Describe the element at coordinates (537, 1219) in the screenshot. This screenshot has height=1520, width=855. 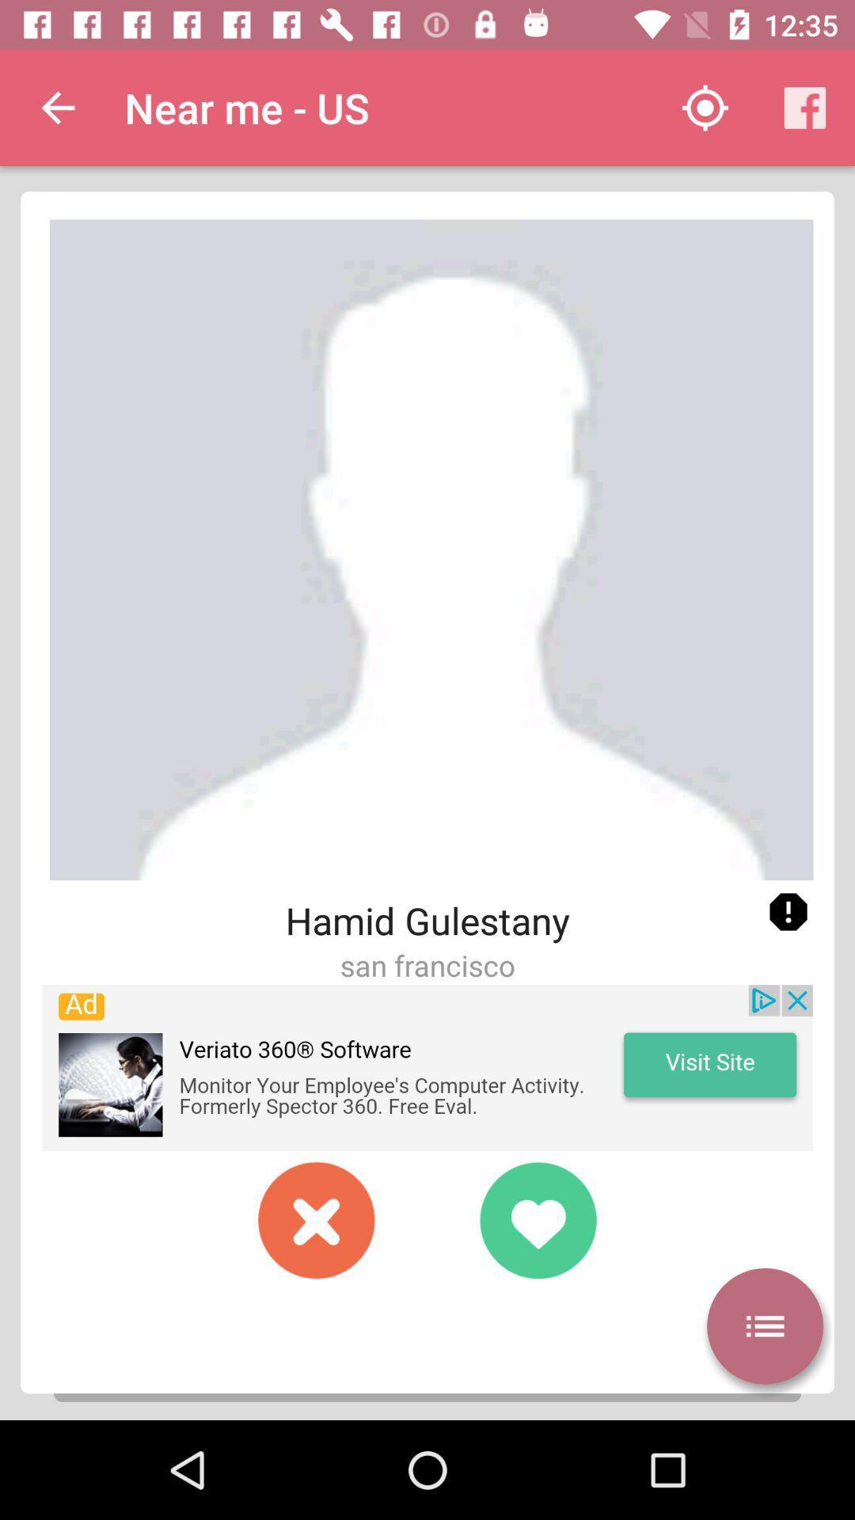
I see `heart toucing` at that location.